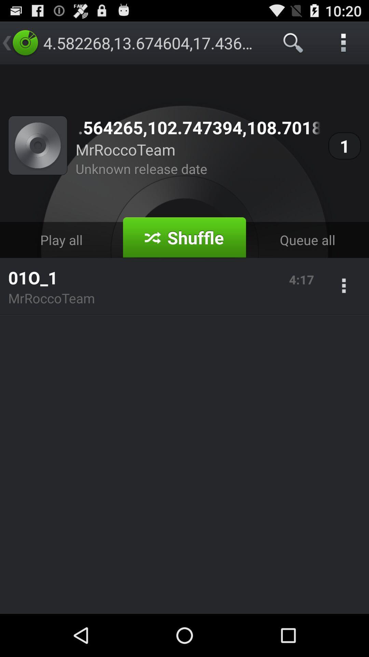 This screenshot has width=369, height=657. What do you see at coordinates (344, 286) in the screenshot?
I see `the app next to the 4:17 app` at bounding box center [344, 286].